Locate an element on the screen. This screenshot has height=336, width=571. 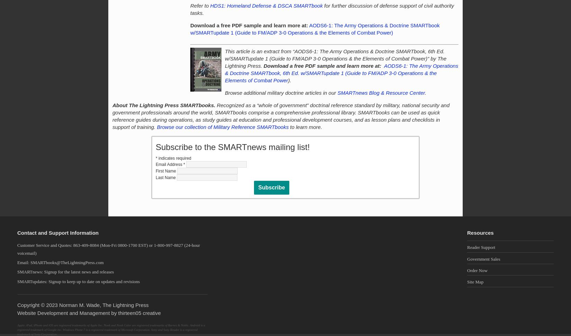
'This article is an extract from “AODS6-1: The Army Operations & Doctrine SMARTbook, 6th Ed. w/SMARTupdate 1 (Guide to FM/ADP 3-0 Operations & the Elements of Combat Power)” by The Lightning Press.' is located at coordinates (336, 58).